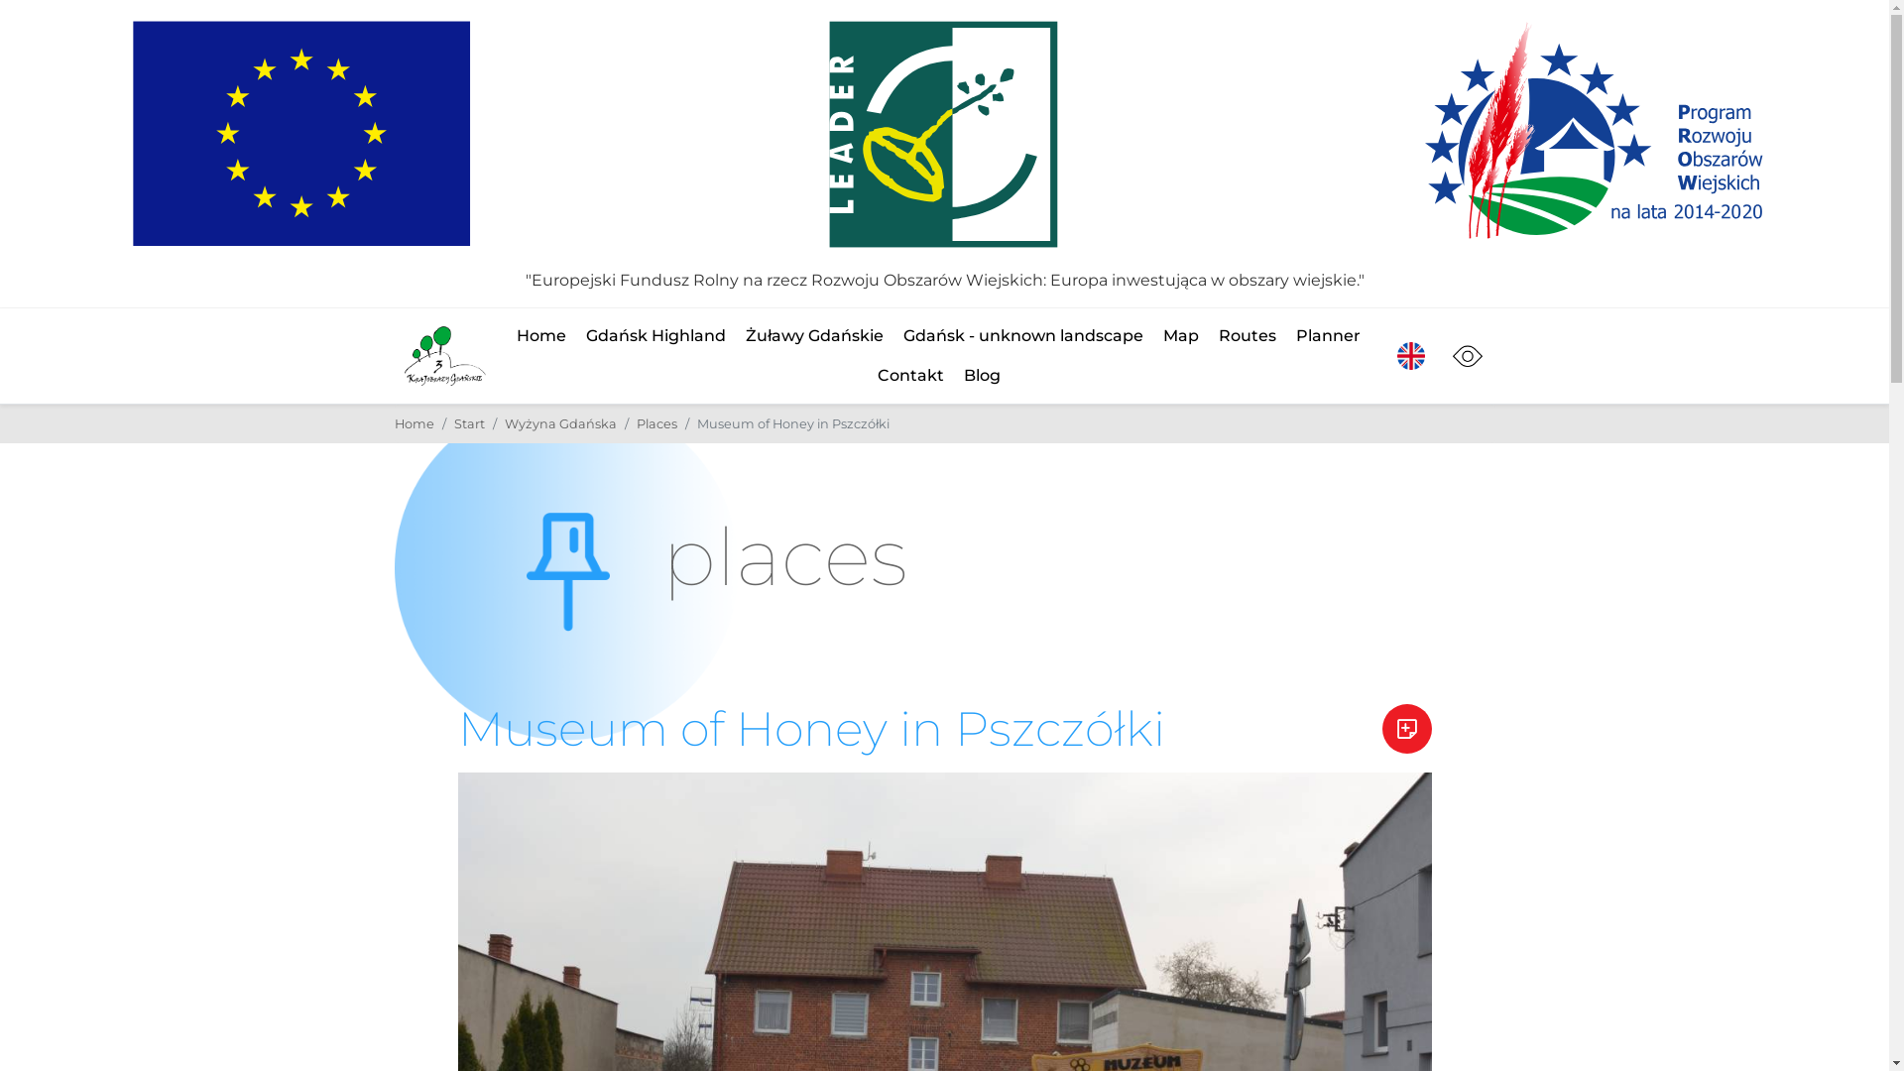 The height and width of the screenshot is (1071, 1904). I want to click on 'Add to the planner', so click(1406, 729).